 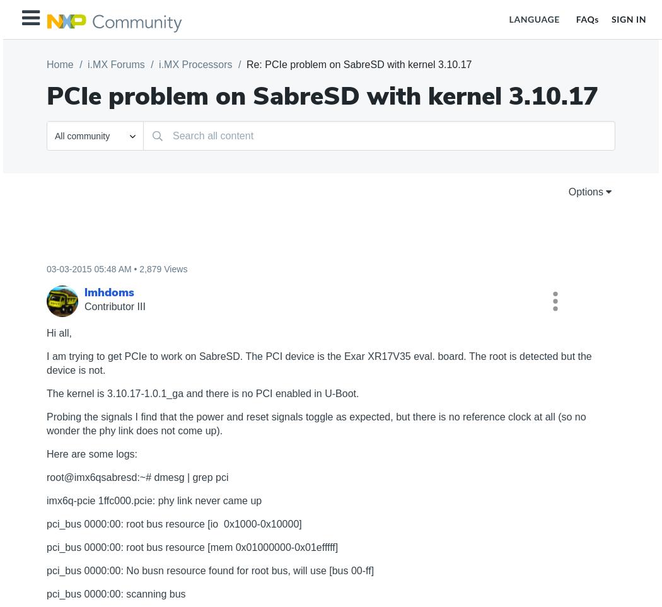 I want to click on 'i.MX Processors', so click(x=195, y=64).